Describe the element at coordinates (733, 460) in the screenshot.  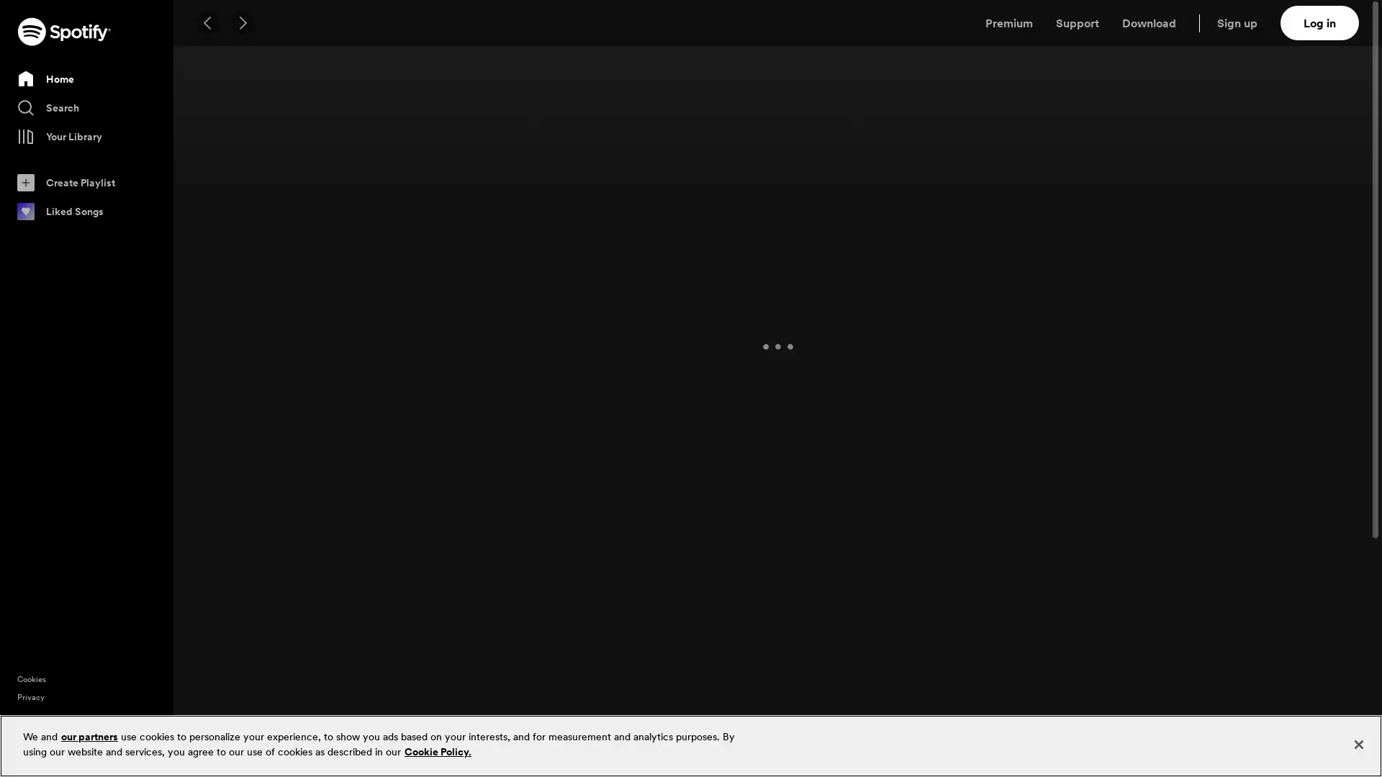
I see `Play Jazz in the Background` at that location.